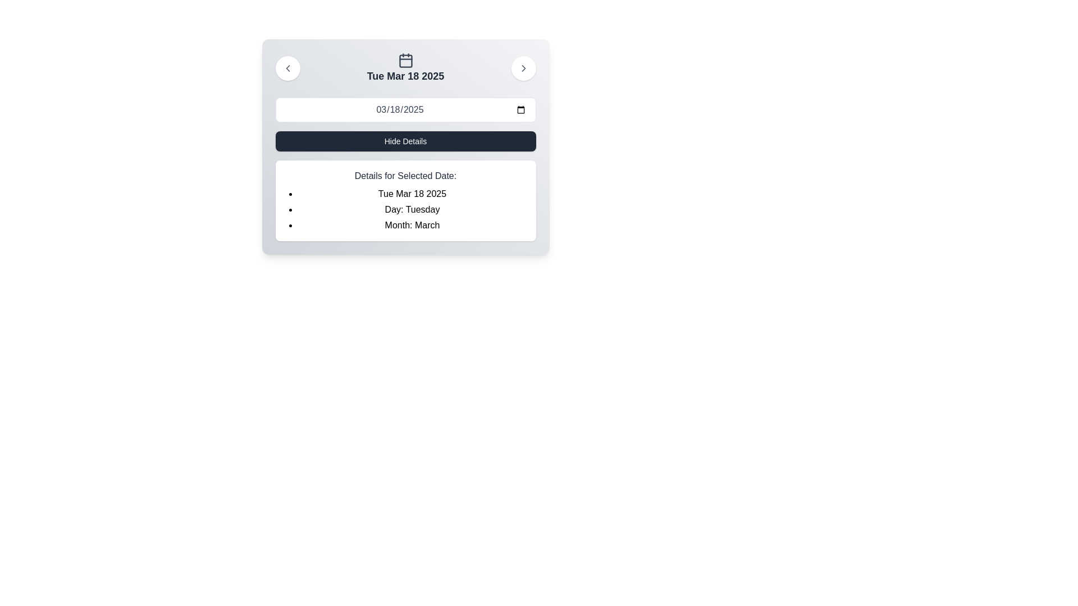 This screenshot has height=606, width=1078. What do you see at coordinates (412, 194) in the screenshot?
I see `the static text displaying 'Tue Mar 18 2025', which is the first item in the bullet point list under the section titled 'Details for Selected Date'` at bounding box center [412, 194].